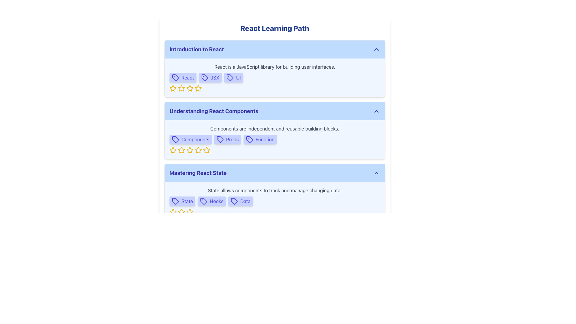  I want to click on the third tag in the horizontal row of tags labeled 'React', 'JSX', and 'Introduction to React', so click(233, 77).